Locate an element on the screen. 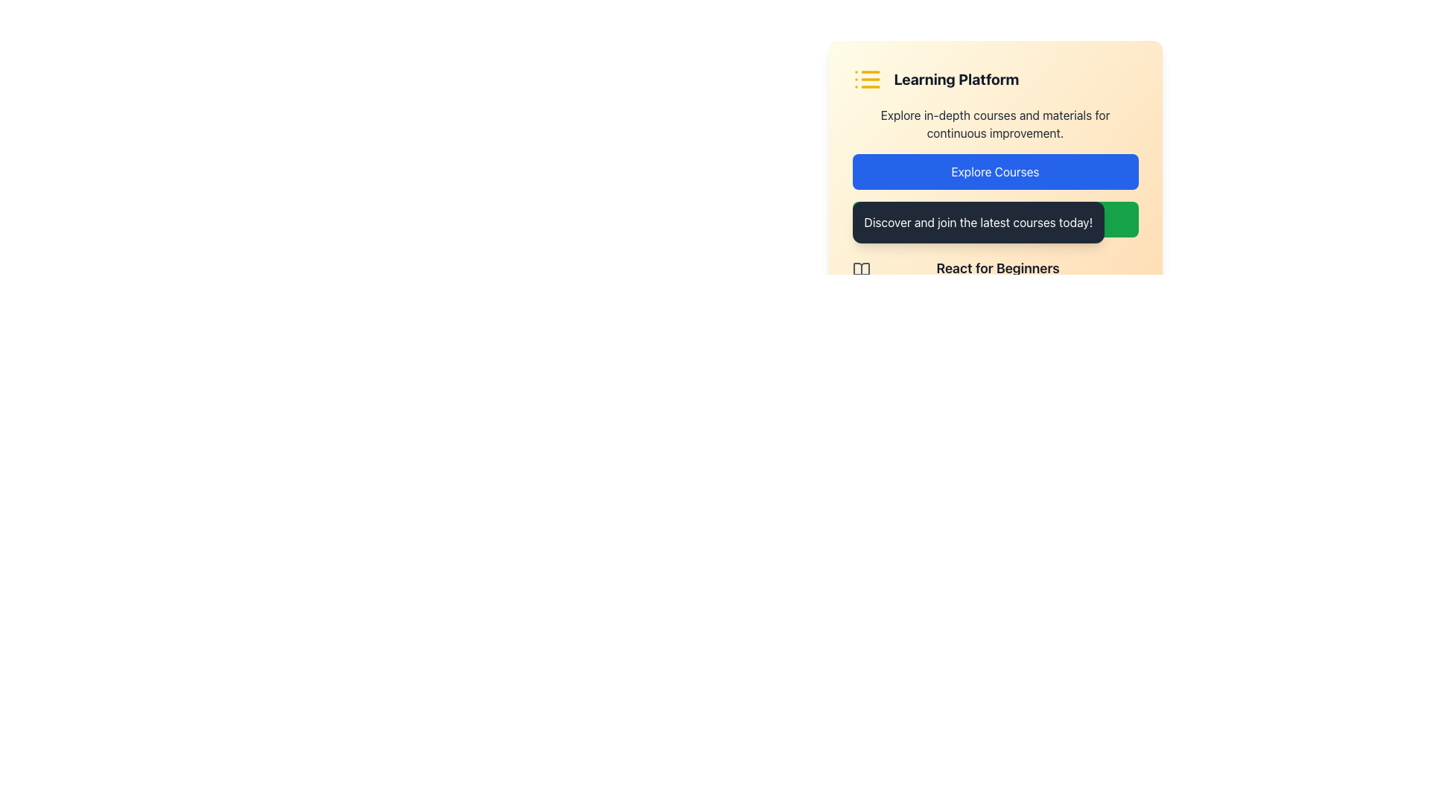 The width and height of the screenshot is (1430, 804). the rectangular dark green button labeled 'Hide Details' to trigger the hover effect is located at coordinates (995, 219).